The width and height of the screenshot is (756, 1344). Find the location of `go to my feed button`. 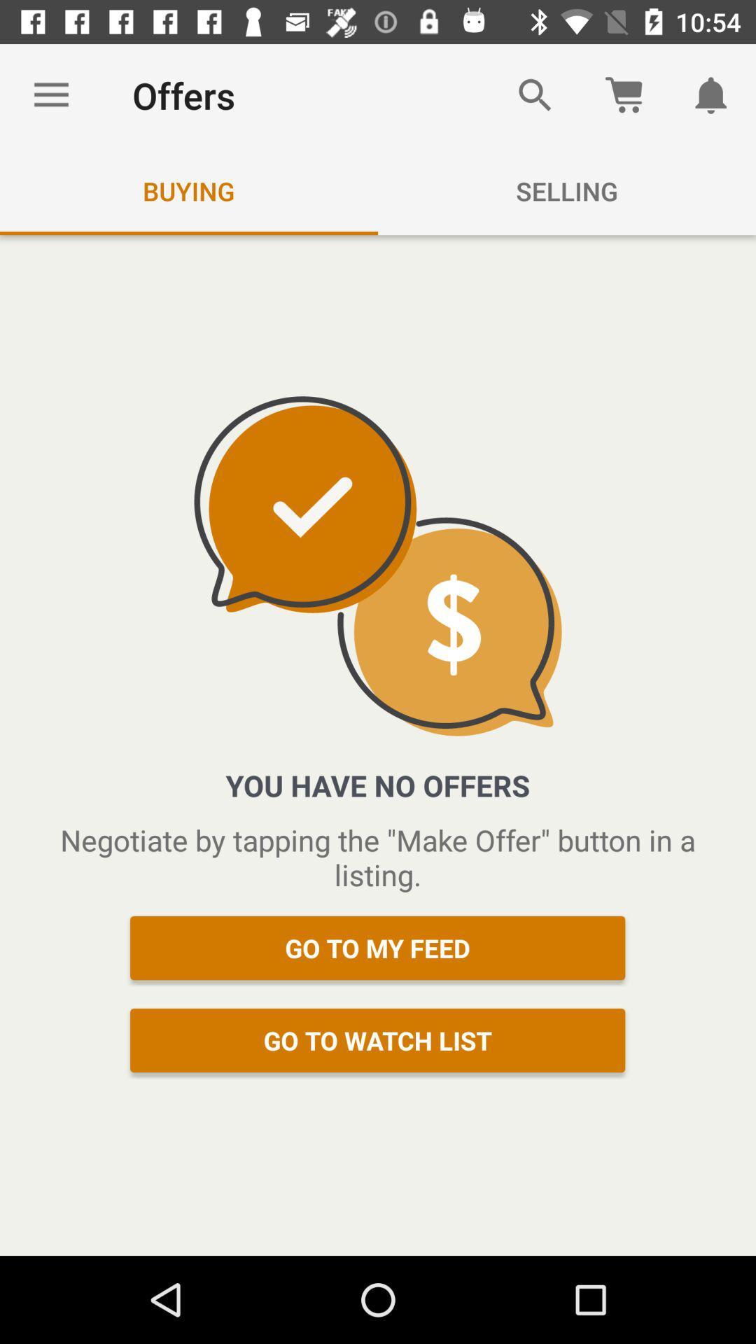

go to my feed button is located at coordinates (378, 948).